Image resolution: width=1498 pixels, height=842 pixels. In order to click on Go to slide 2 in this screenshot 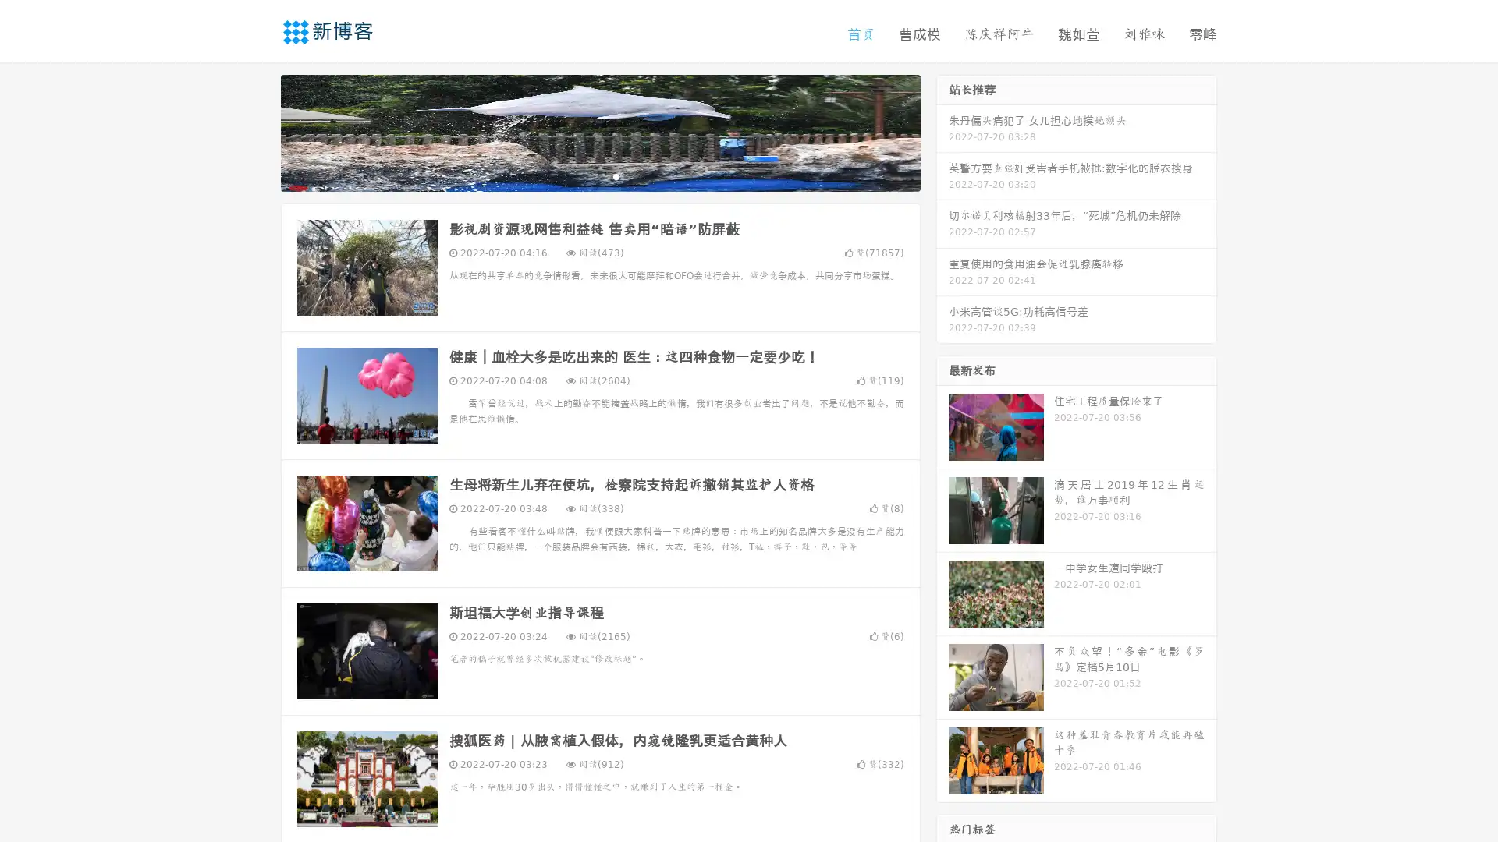, I will do `click(599, 175)`.